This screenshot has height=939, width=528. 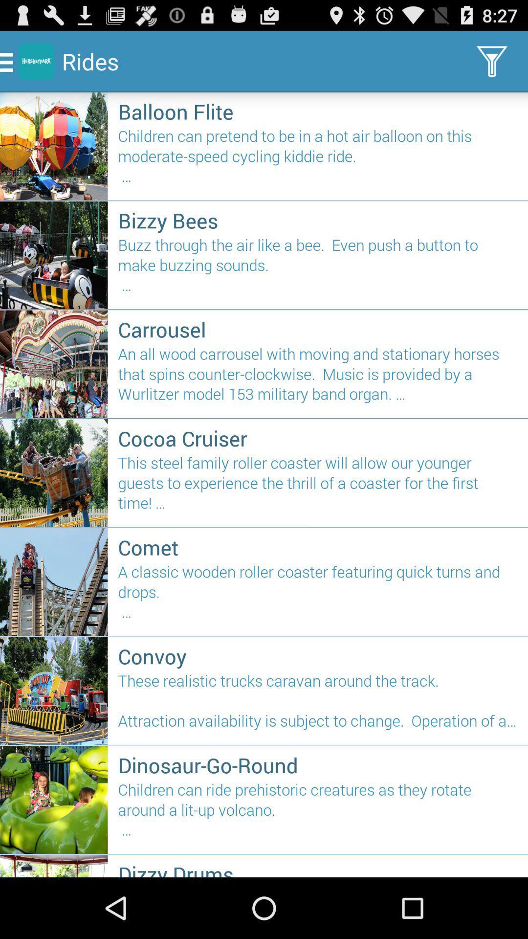 What do you see at coordinates (318, 269) in the screenshot?
I see `the icon below the bizzy bees item` at bounding box center [318, 269].